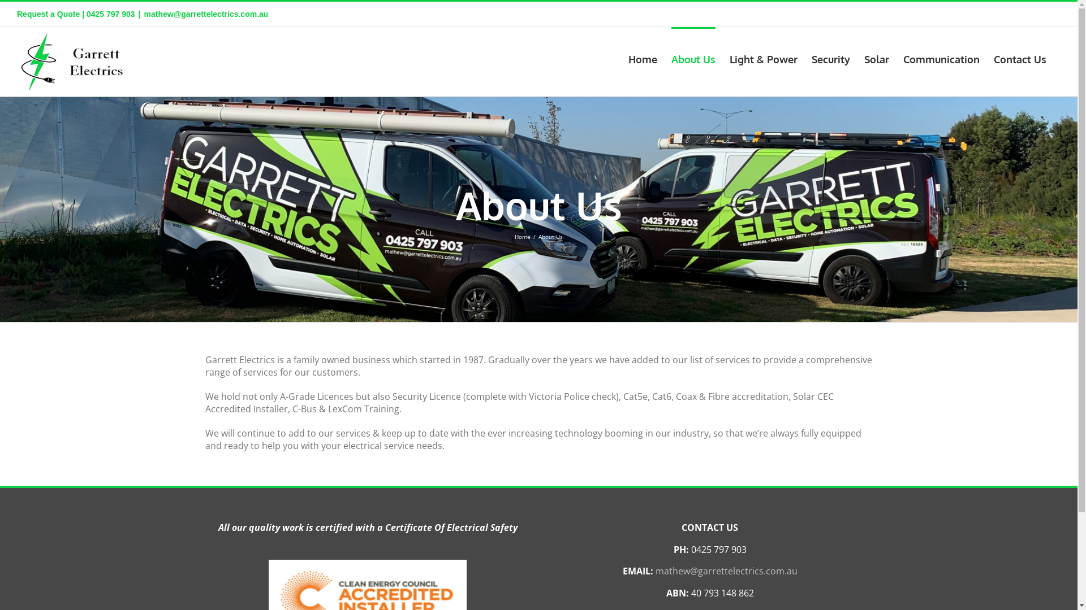 Image resolution: width=1086 pixels, height=610 pixels. Describe the element at coordinates (692, 58) in the screenshot. I see `'About Us'` at that location.